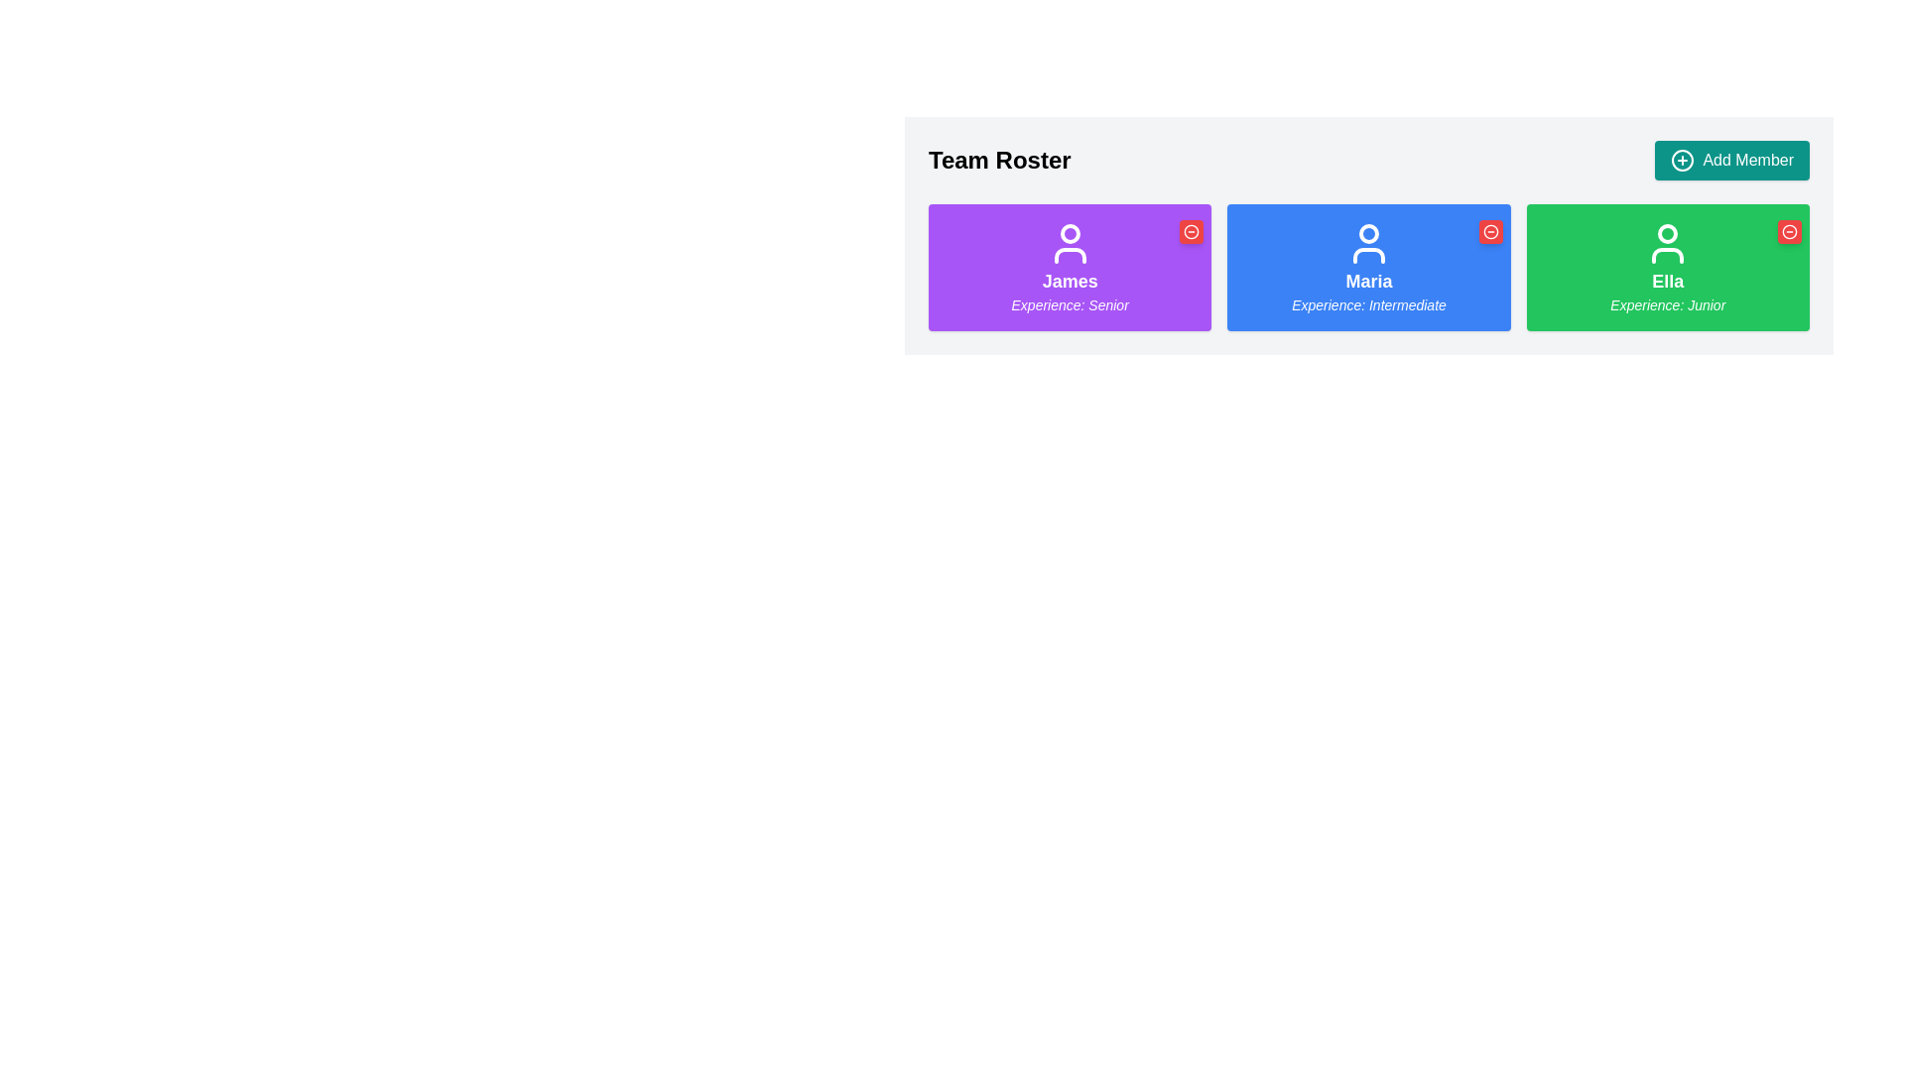 The width and height of the screenshot is (1905, 1071). Describe the element at coordinates (1069, 268) in the screenshot. I see `the informational card displaying details about James, which is the leftmost card in a row of three, characterized by a purple background with rounded corners` at that location.